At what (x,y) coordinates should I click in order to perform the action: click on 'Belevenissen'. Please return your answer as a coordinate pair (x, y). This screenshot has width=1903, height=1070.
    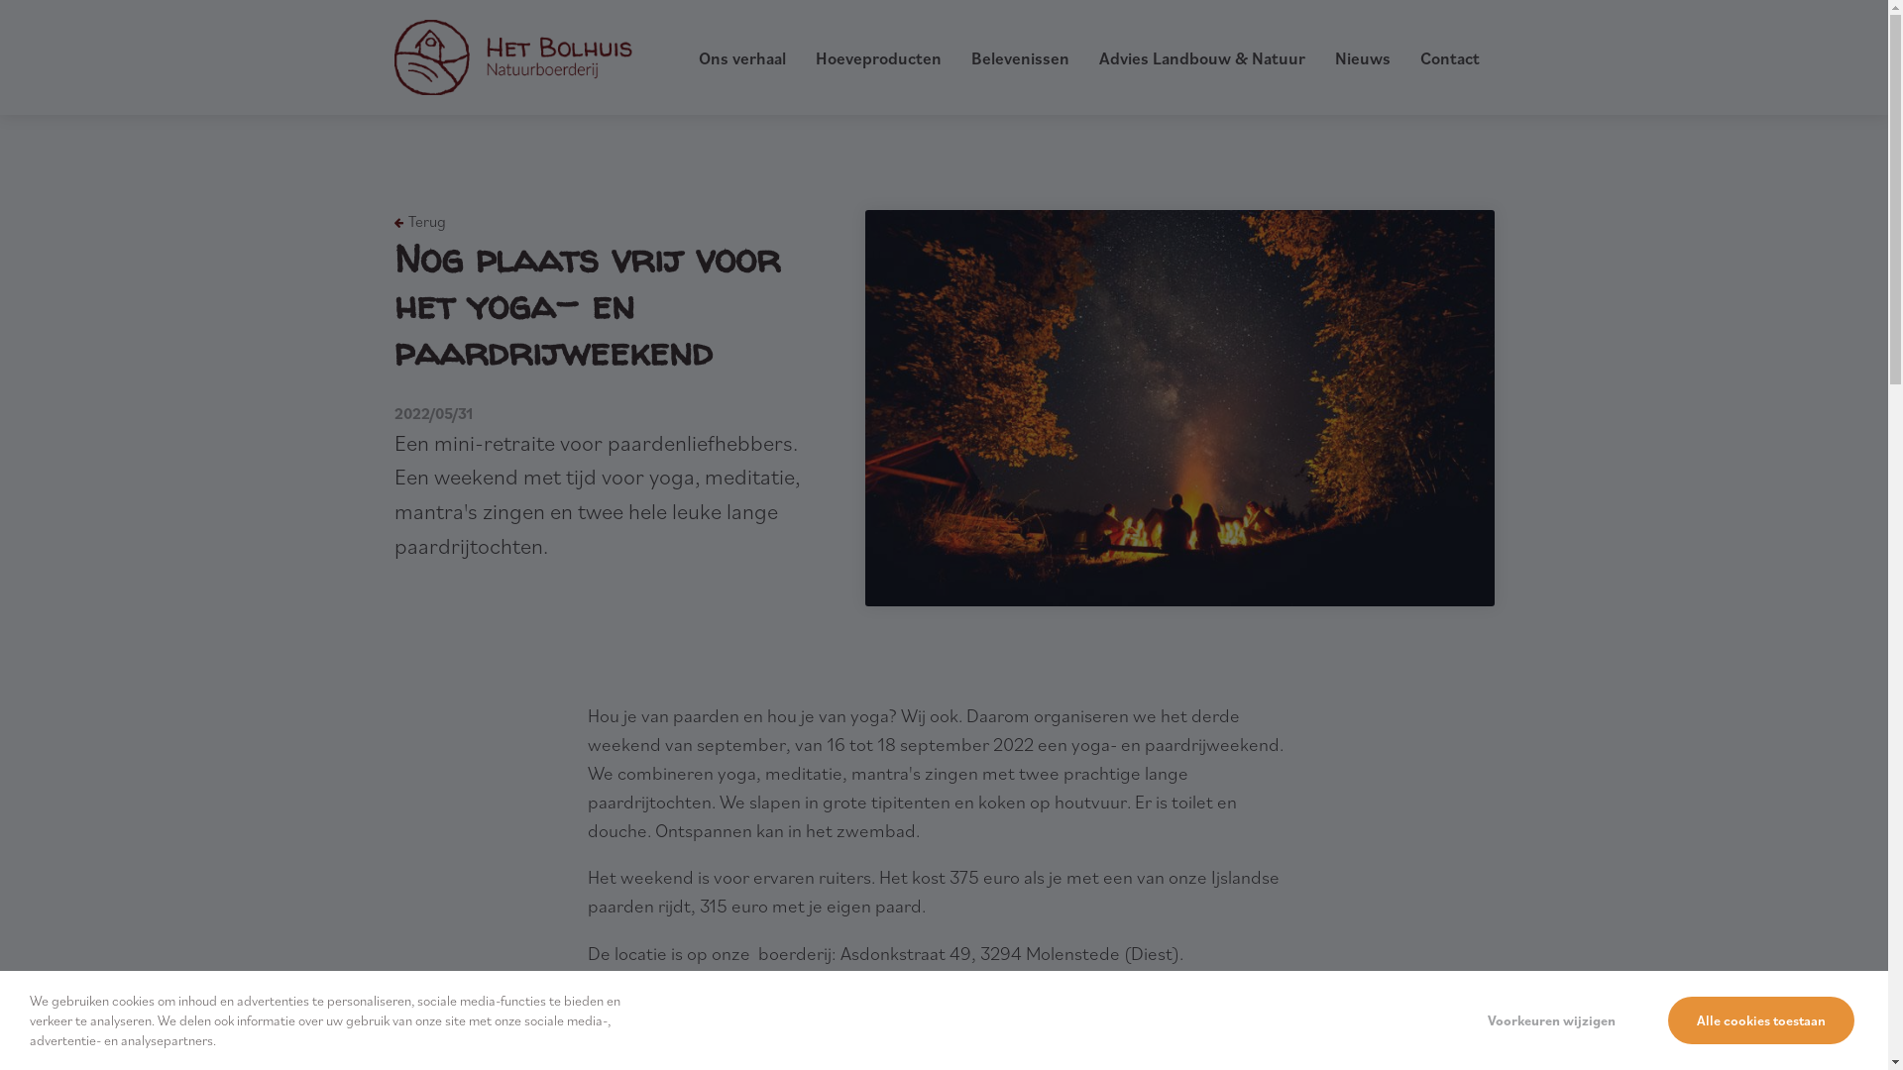
    Looking at the image, I should click on (970, 56).